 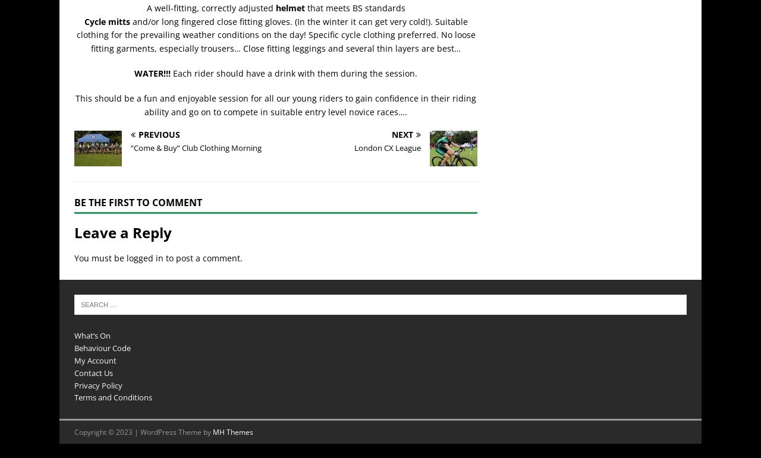 I want to click on 'Privacy Policy', so click(x=98, y=384).